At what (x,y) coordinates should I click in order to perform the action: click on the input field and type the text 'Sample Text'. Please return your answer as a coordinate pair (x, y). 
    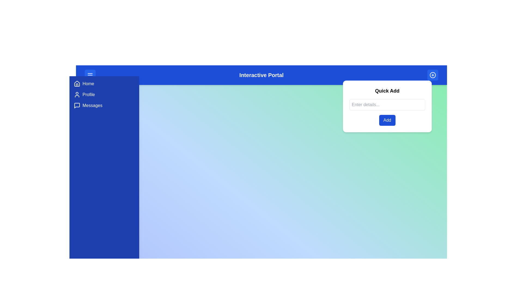
    Looking at the image, I should click on (387, 105).